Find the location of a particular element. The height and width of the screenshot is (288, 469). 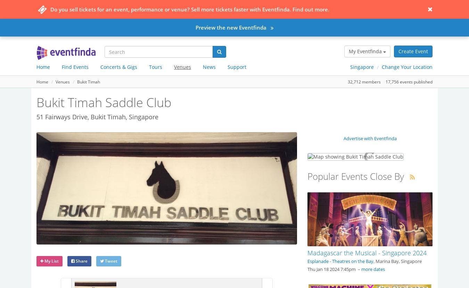

'Thu Jan 18 2024 7:45pm' is located at coordinates (307, 269).